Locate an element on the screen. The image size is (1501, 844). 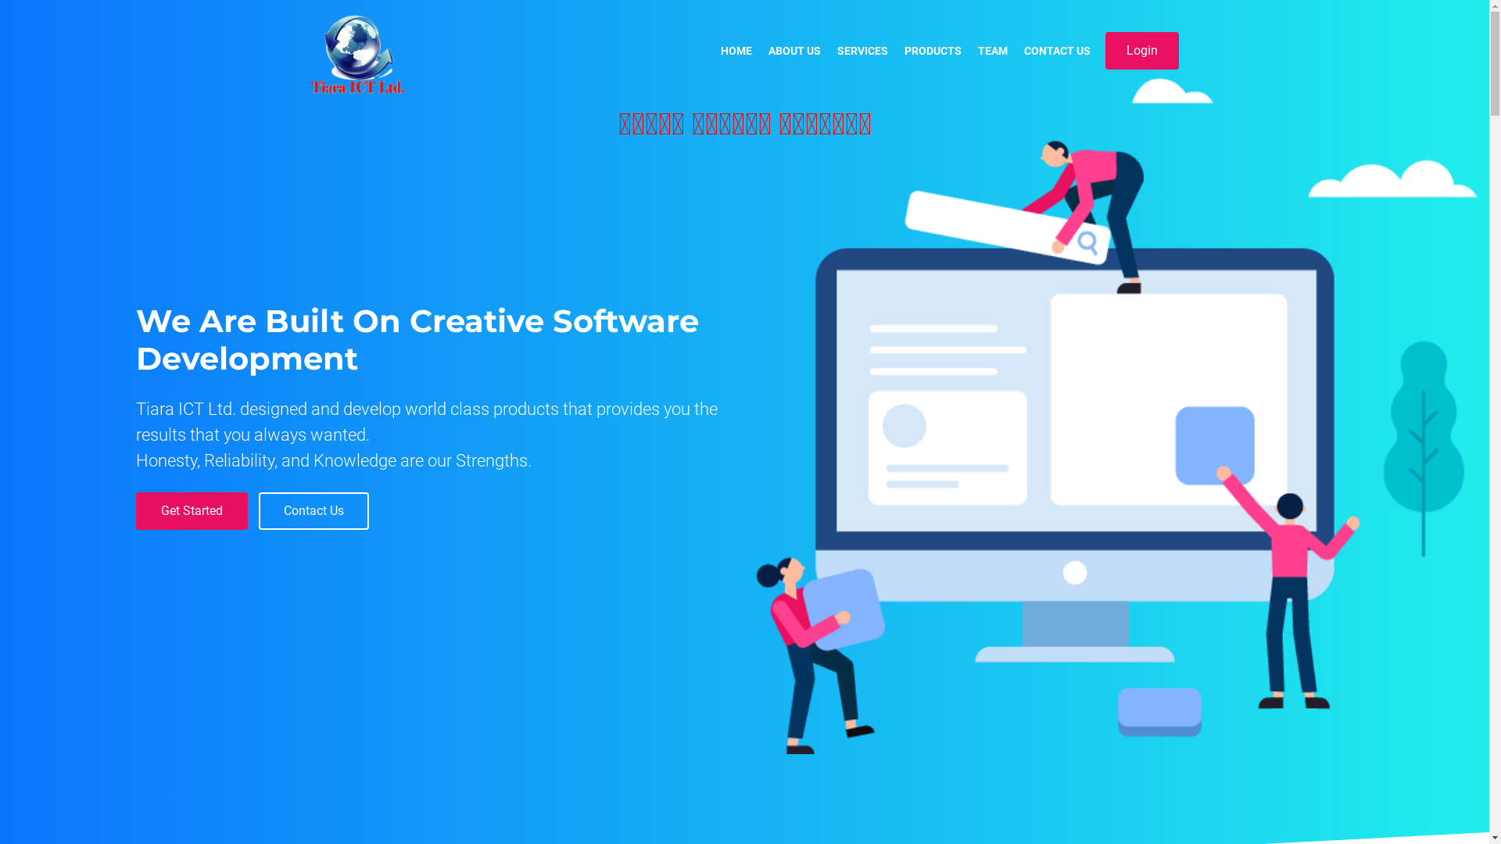
'CONTACT US' is located at coordinates (1024, 50).